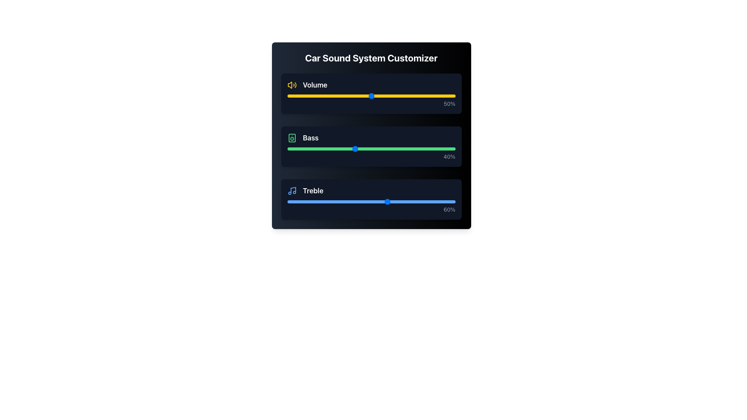 This screenshot has width=747, height=420. What do you see at coordinates (338, 95) in the screenshot?
I see `volume` at bounding box center [338, 95].